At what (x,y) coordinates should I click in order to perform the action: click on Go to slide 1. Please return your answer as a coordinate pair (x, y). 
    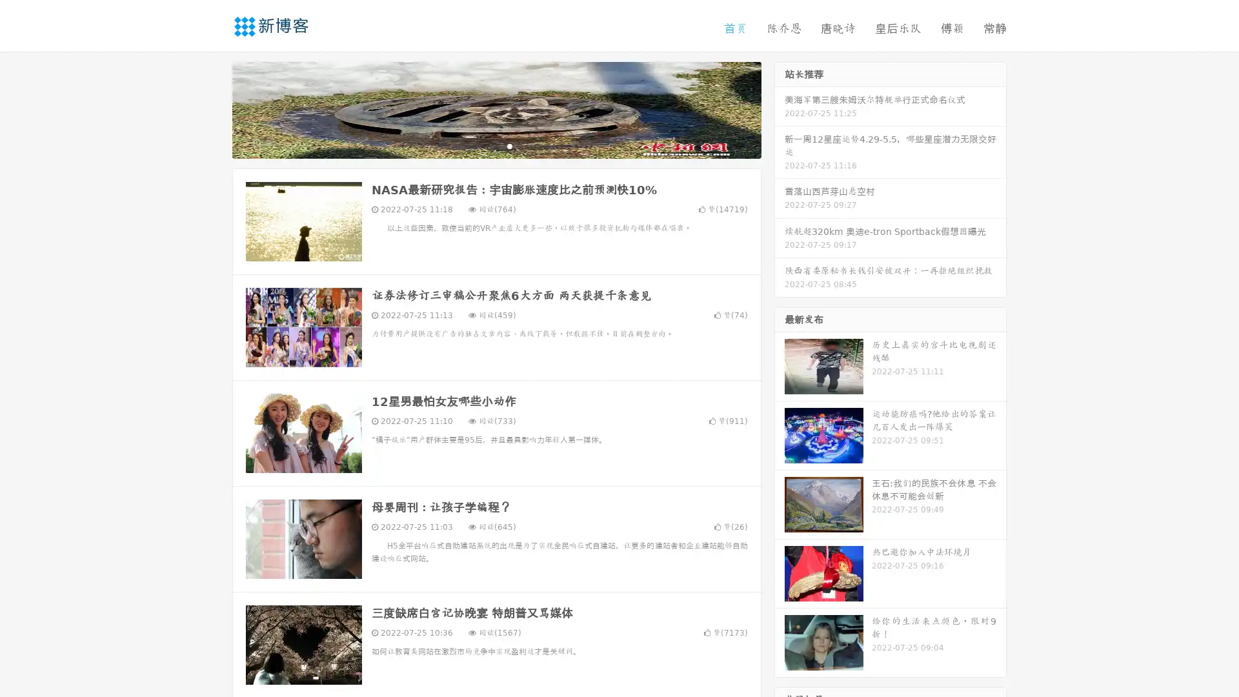
    Looking at the image, I should click on (483, 145).